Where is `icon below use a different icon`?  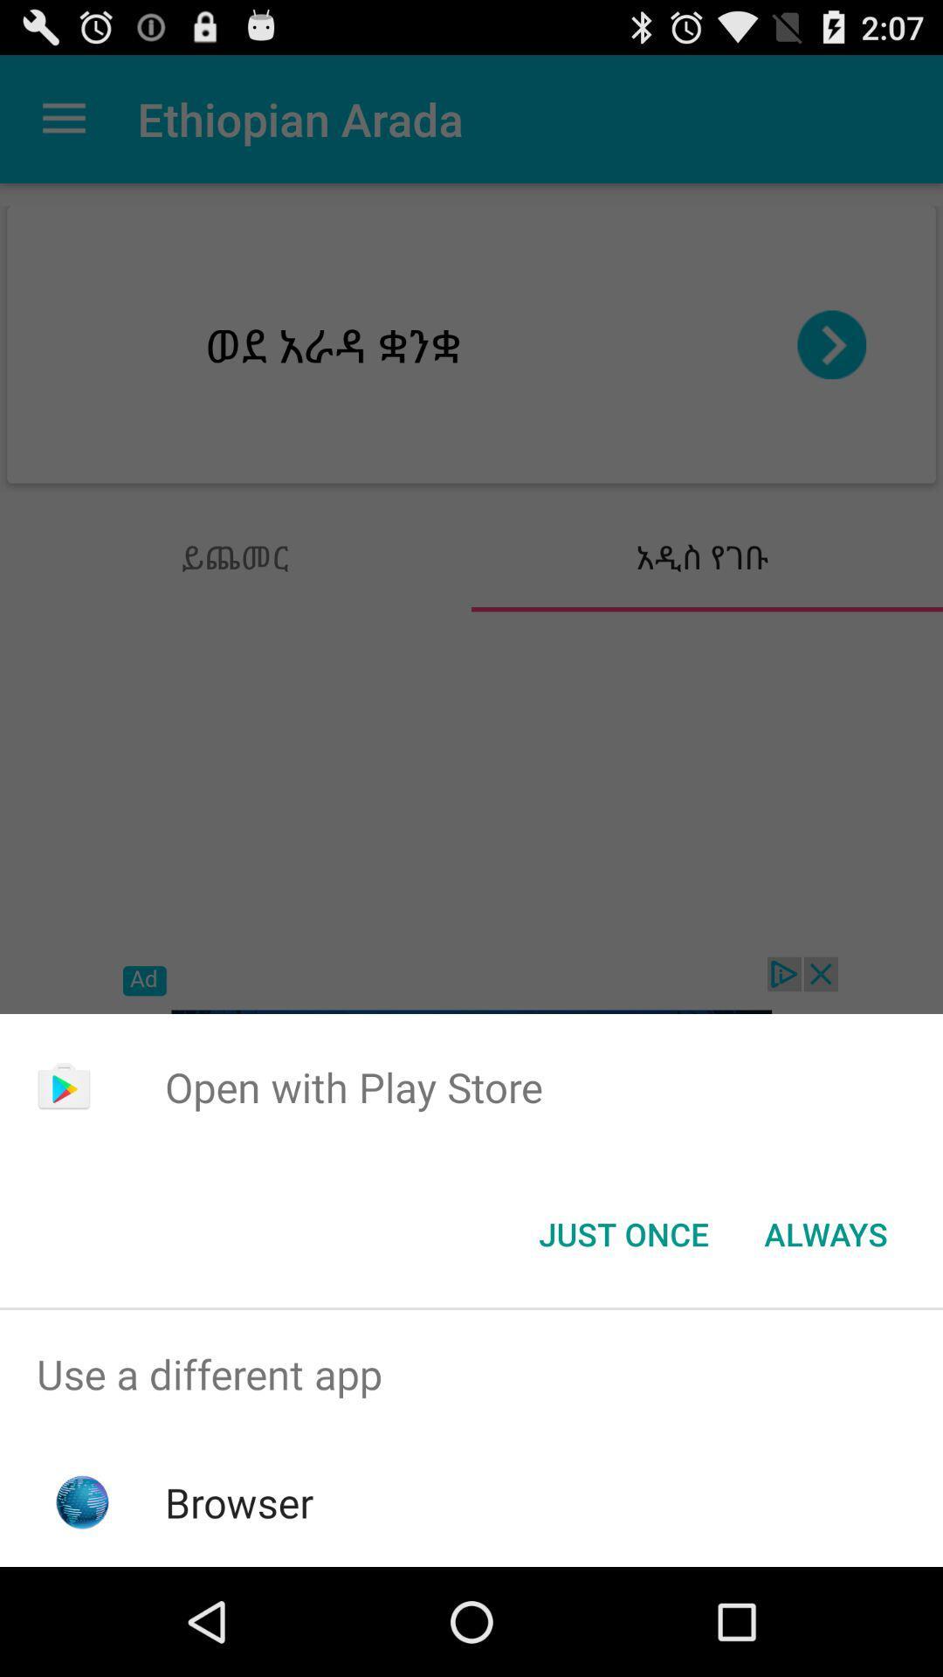
icon below use a different icon is located at coordinates (239, 1501).